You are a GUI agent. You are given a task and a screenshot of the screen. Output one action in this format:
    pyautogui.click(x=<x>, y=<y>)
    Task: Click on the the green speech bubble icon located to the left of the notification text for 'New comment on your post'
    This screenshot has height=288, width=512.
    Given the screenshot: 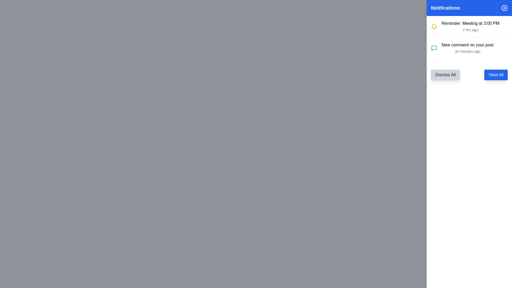 What is the action you would take?
    pyautogui.click(x=434, y=48)
    